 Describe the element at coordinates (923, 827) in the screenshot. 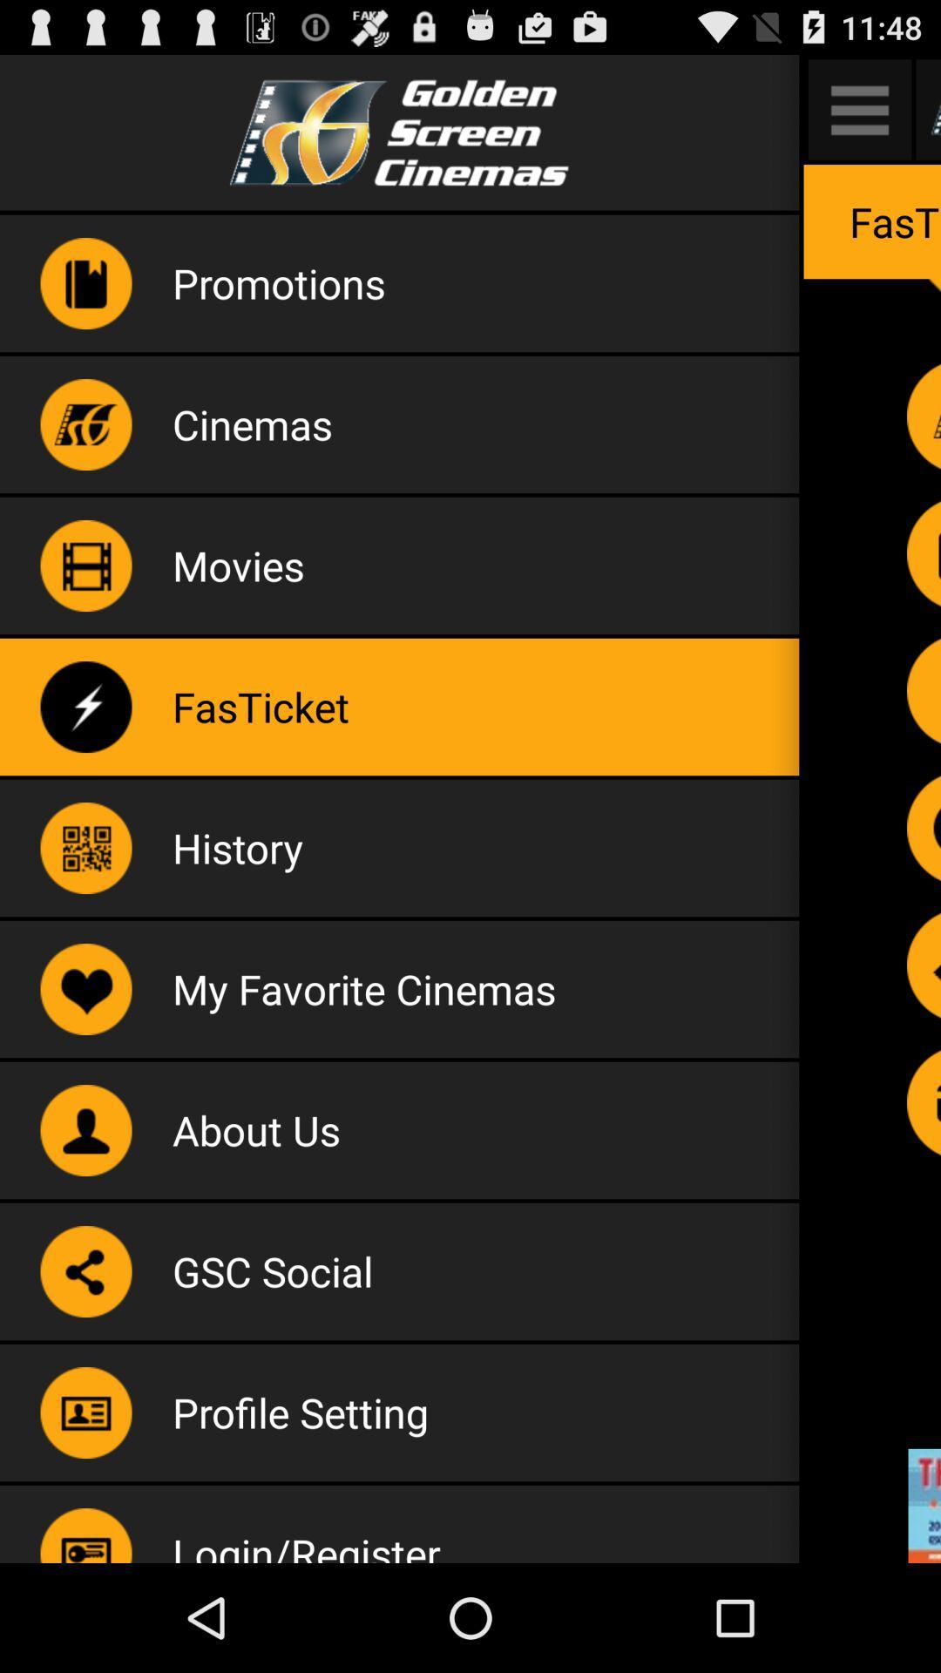

I see `histiry` at that location.